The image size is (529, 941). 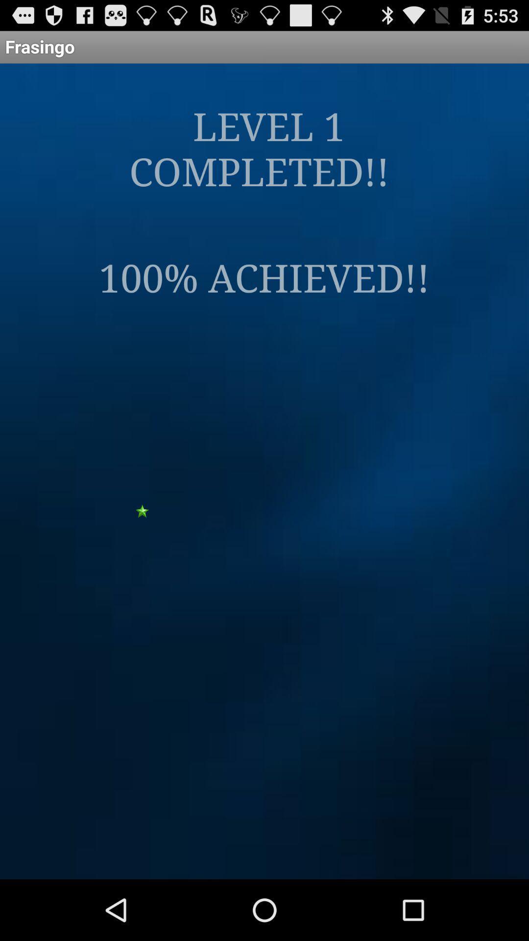 What do you see at coordinates (264, 148) in the screenshot?
I see `app below the frasingo icon` at bounding box center [264, 148].